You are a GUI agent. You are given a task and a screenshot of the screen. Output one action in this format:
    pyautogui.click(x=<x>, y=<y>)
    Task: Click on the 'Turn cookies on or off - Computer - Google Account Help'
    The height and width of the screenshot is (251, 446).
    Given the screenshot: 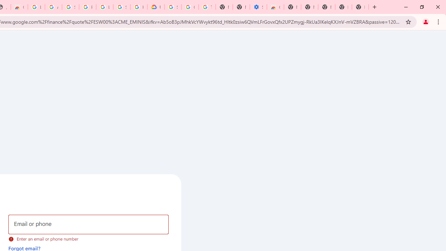 What is the action you would take?
    pyautogui.click(x=207, y=7)
    